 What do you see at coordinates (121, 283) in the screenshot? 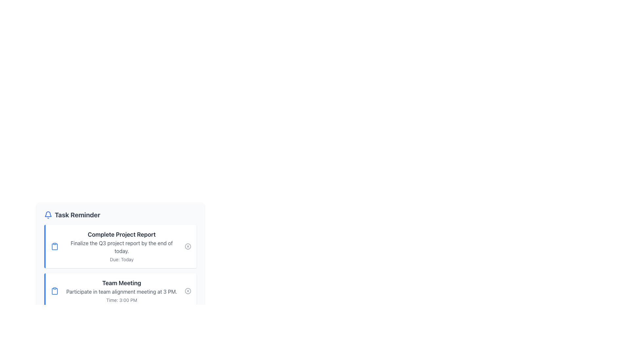
I see `the 'Team Meeting' text label, which is styled with bold, large, and dark gray font, located in the 'Task Reminder' section, below the 'Complete Project Report' task card` at bounding box center [121, 283].